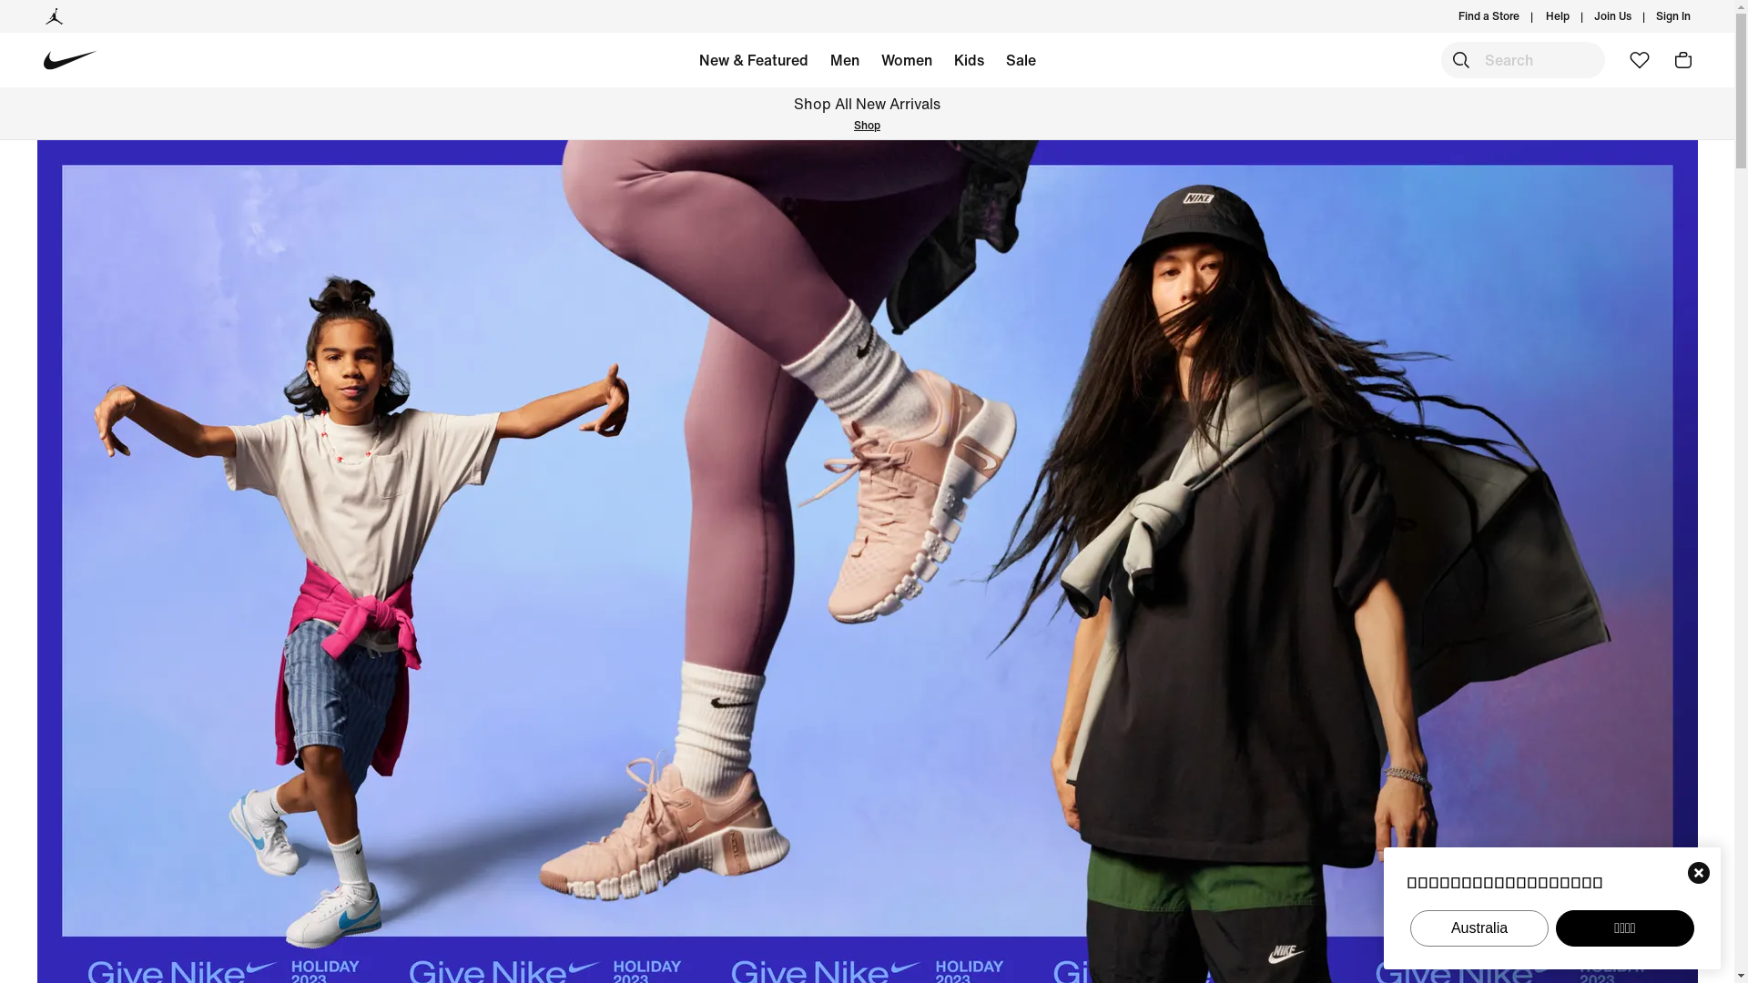 This screenshot has height=983, width=1748. I want to click on 'Women', so click(907, 62).